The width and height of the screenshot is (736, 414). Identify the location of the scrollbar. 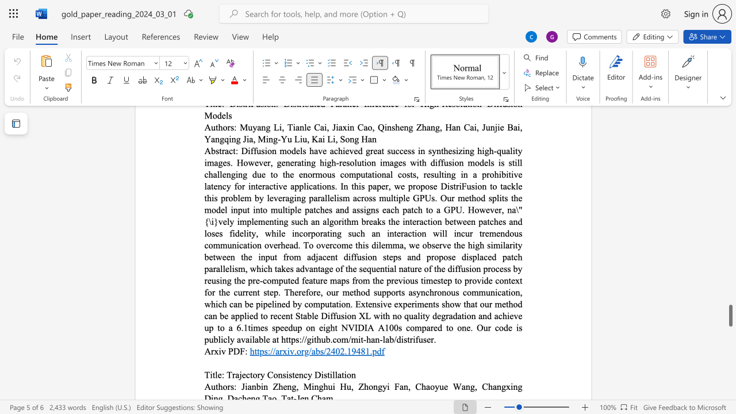
(730, 224).